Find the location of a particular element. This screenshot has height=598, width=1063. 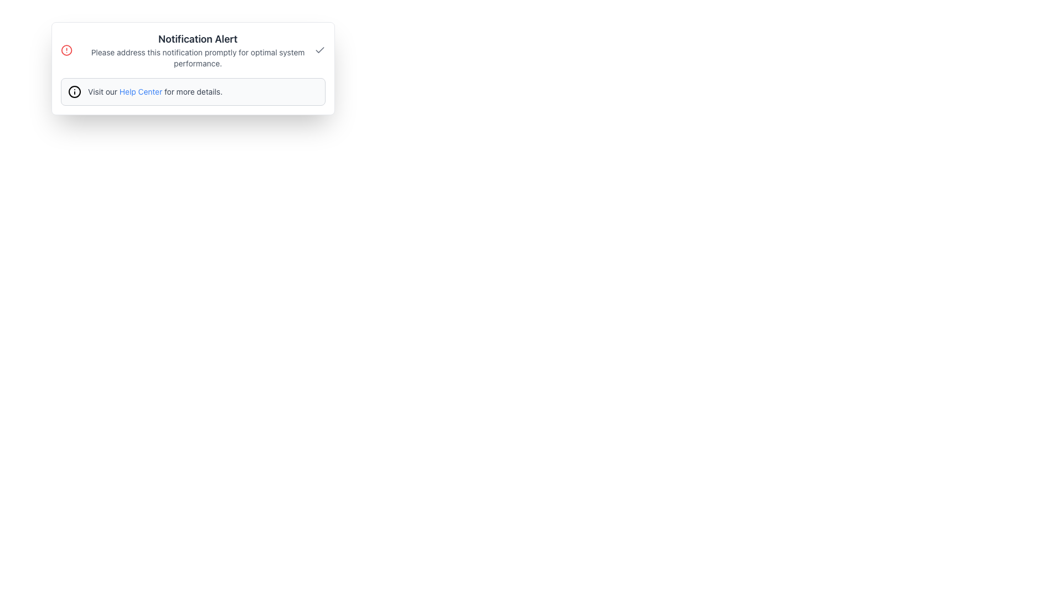

the interactive checkmark icon located in the top-right of the 'Notification Alert' panel to confirm or acknowledge the notification is located at coordinates (319, 50).